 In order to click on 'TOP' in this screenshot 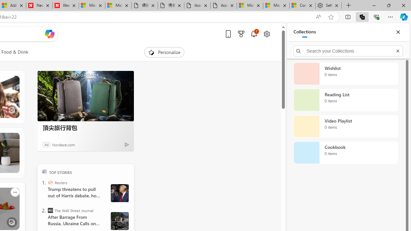, I will do `click(44, 171)`.